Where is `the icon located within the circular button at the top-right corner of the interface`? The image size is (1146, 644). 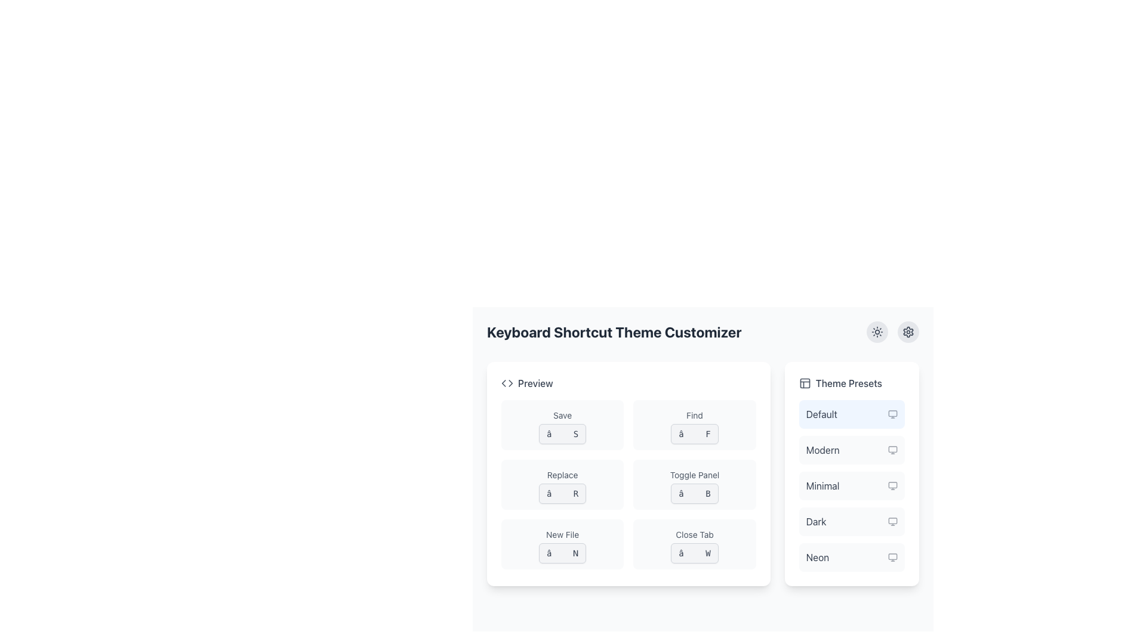
the icon located within the circular button at the top-right corner of the interface is located at coordinates (877, 332).